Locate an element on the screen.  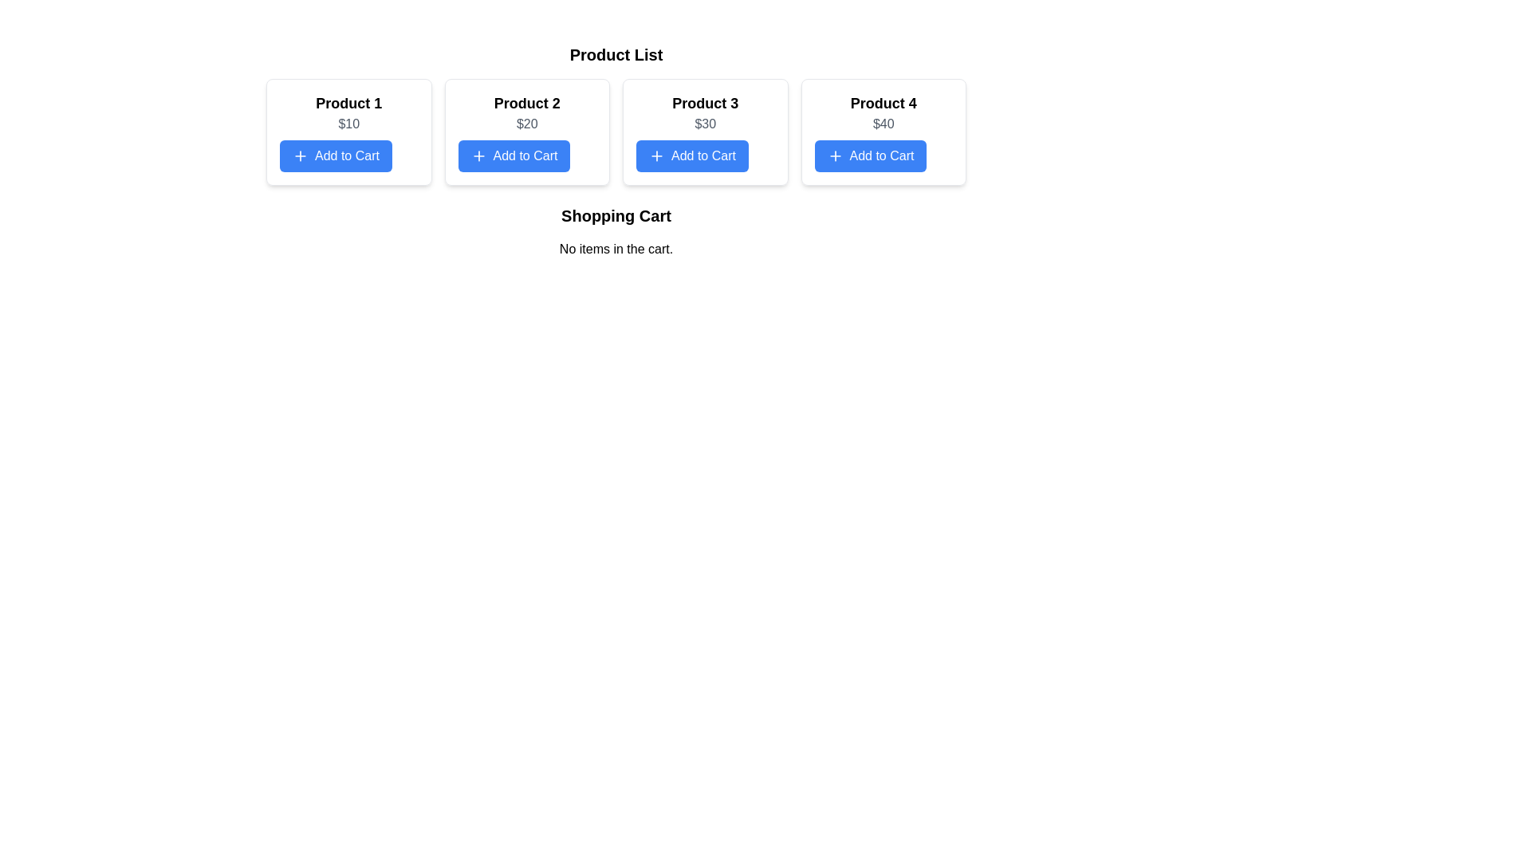
the icon to the left of the 'Add to Cart' text for the second product in the product list is located at coordinates (478, 156).